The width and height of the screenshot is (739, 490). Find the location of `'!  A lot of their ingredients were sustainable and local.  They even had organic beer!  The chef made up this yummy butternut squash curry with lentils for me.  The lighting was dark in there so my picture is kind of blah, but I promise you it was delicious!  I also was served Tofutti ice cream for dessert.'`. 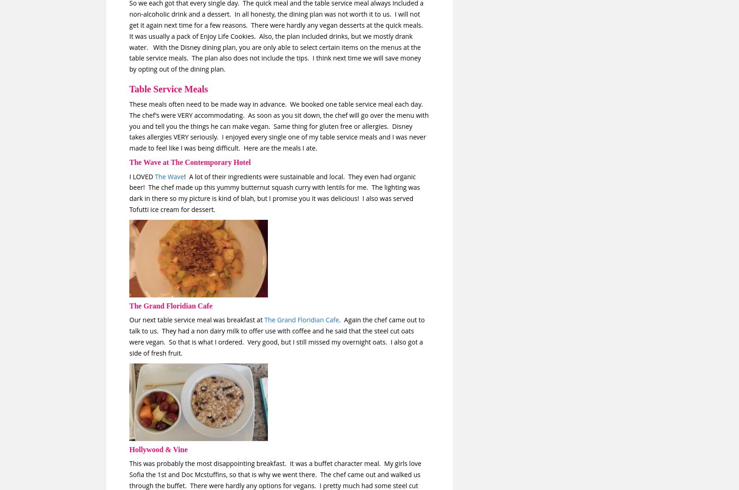

'!  A lot of their ingredients were sustainable and local.  They even had organic beer!  The chef made up this yummy butternut squash curry with lentils for me.  The lighting was dark in there so my picture is kind of blah, but I promise you it was delicious!  I also was served Tofutti ice cream for dessert.' is located at coordinates (274, 193).